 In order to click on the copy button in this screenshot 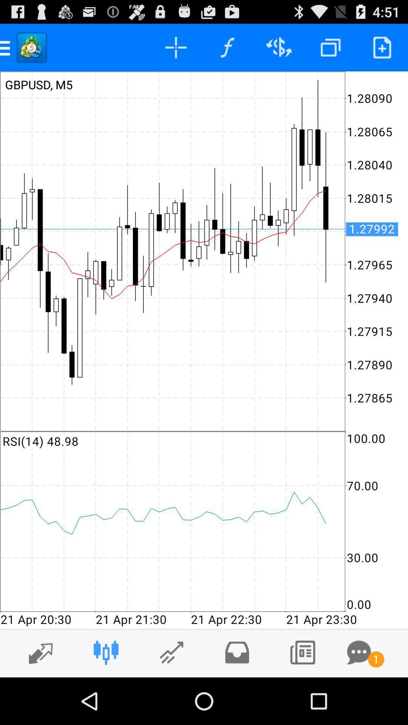, I will do `click(330, 47)`.